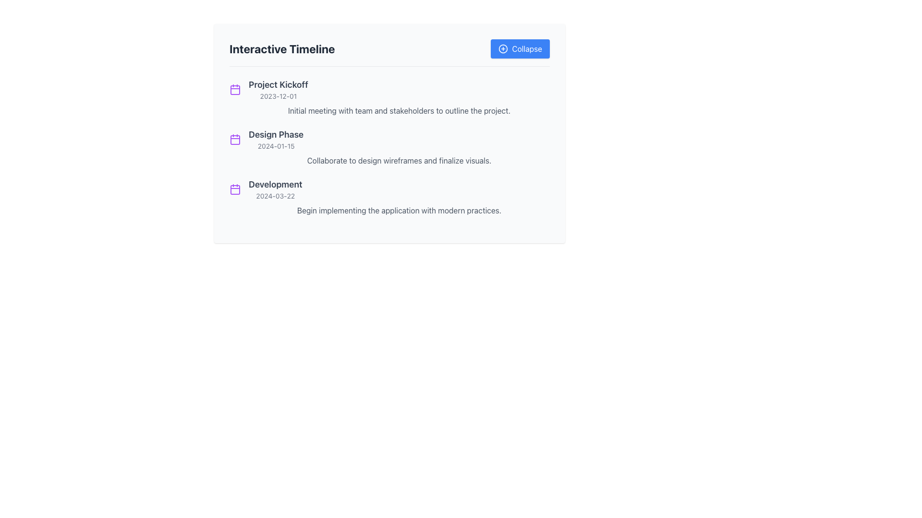 This screenshot has width=922, height=518. Describe the element at coordinates (235, 139) in the screenshot. I see `calendar icon representing the 'Design Phase' milestone visually located next to the text 'Design Phase' and above the date '2024-01-15'` at that location.